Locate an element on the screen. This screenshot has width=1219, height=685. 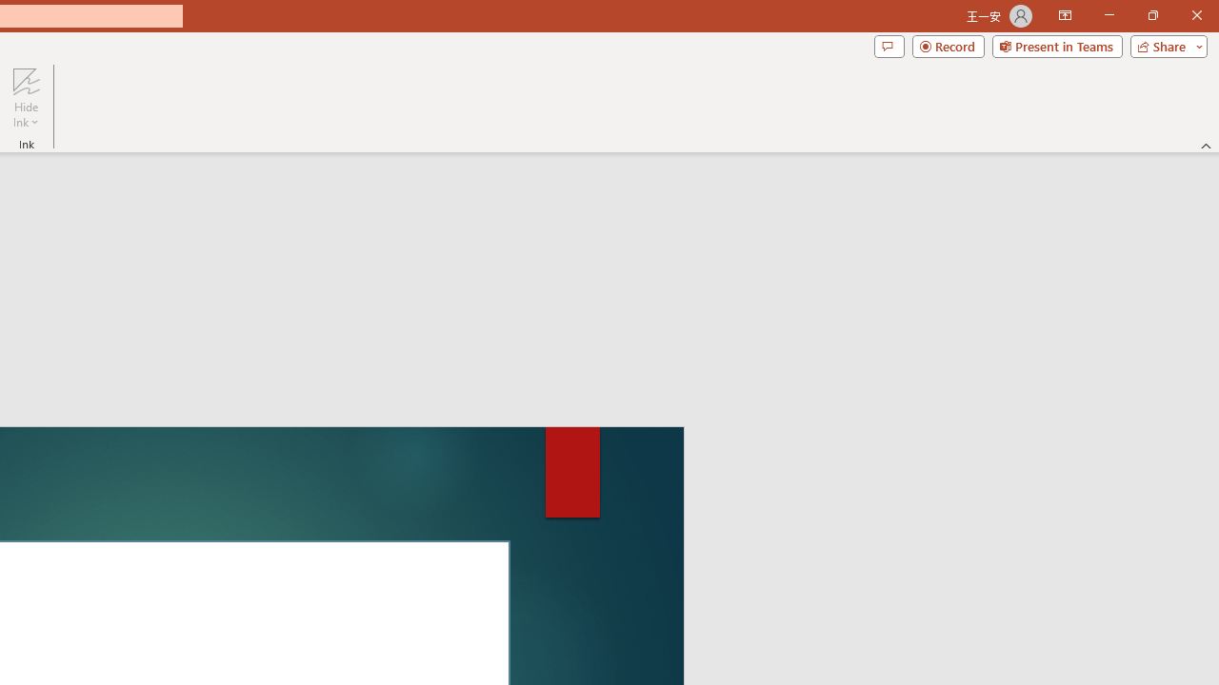
'Hide Ink' is located at coordinates (26, 98).